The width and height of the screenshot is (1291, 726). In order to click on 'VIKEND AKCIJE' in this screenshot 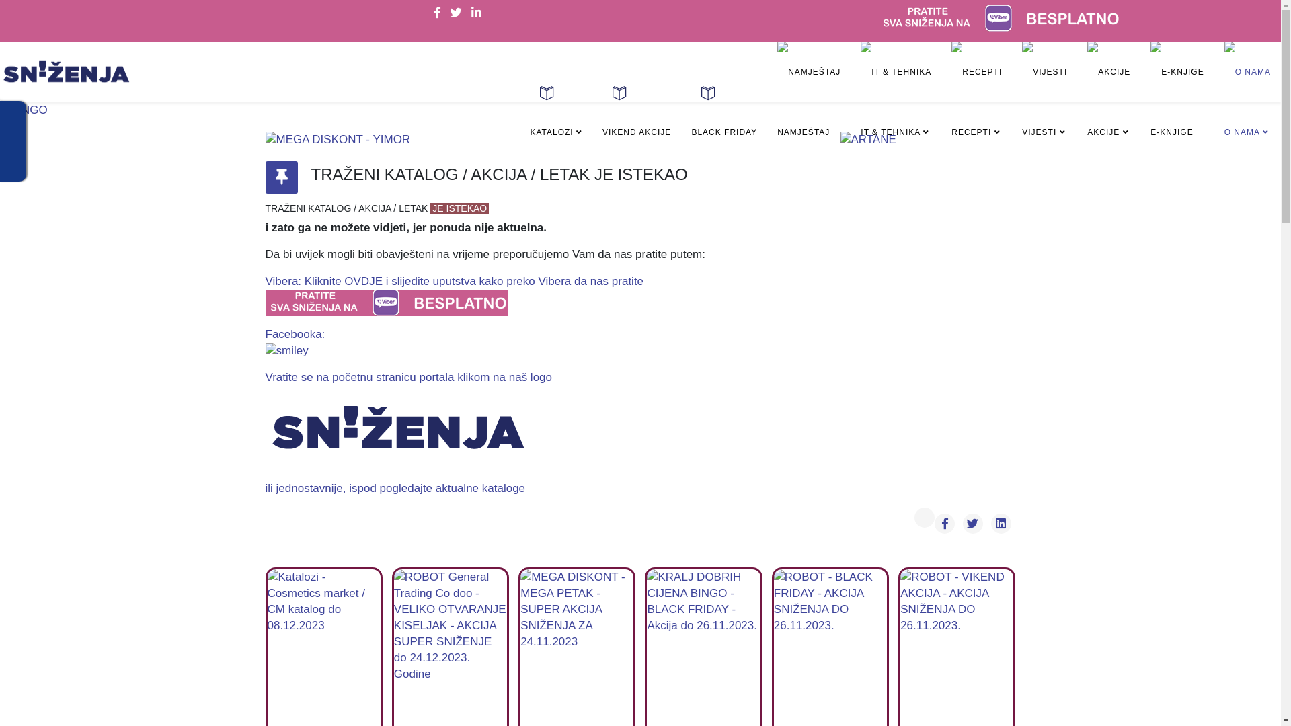, I will do `click(635, 122)`.